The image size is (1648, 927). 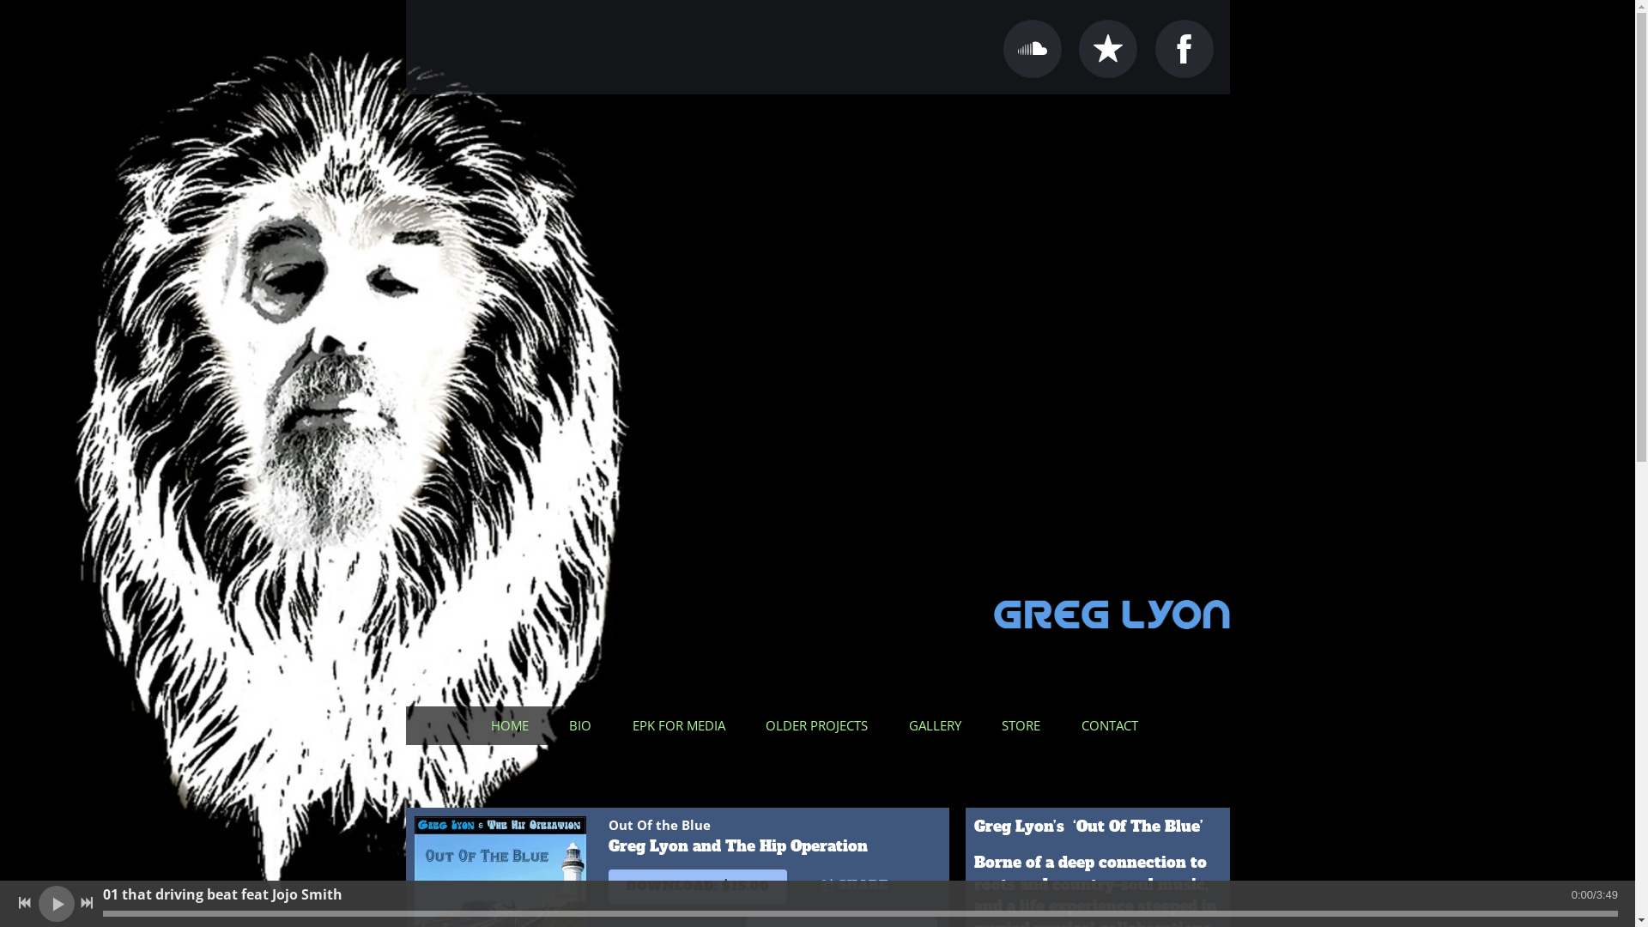 I want to click on 'OLDER PROJECTS', so click(x=819, y=725).